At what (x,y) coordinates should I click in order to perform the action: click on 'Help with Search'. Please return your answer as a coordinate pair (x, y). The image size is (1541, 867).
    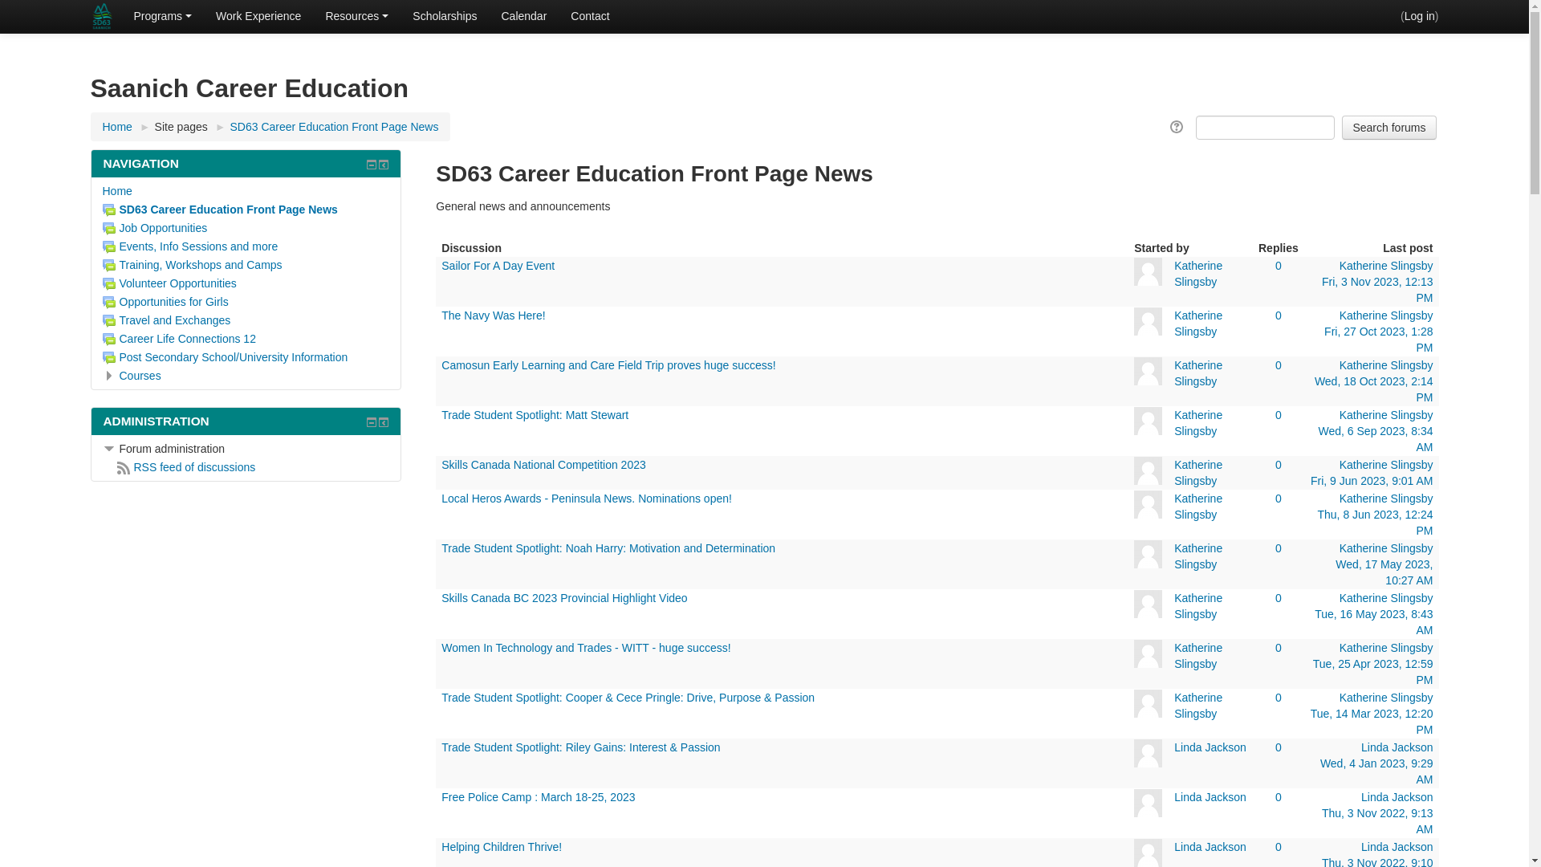
    Looking at the image, I should click on (1177, 126).